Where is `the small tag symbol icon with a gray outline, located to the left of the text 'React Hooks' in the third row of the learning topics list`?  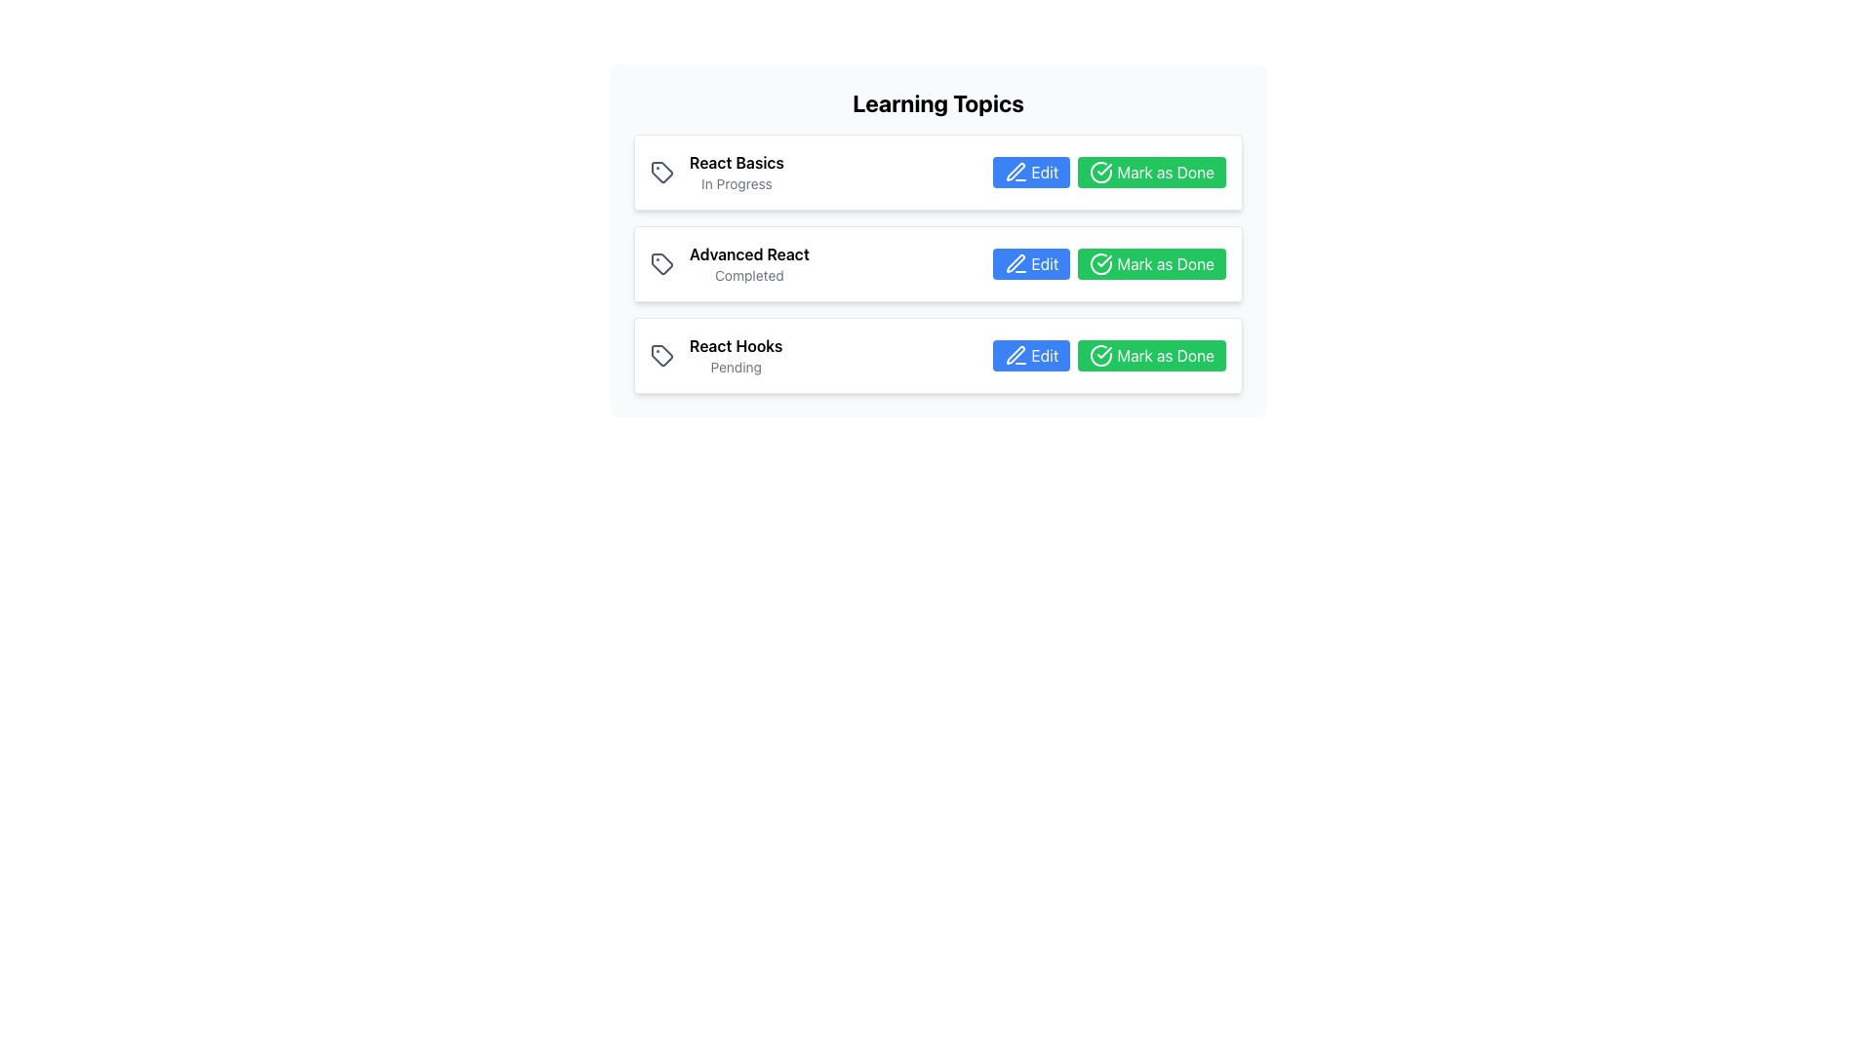 the small tag symbol icon with a gray outline, located to the left of the text 'React Hooks' in the third row of the learning topics list is located at coordinates (661, 356).